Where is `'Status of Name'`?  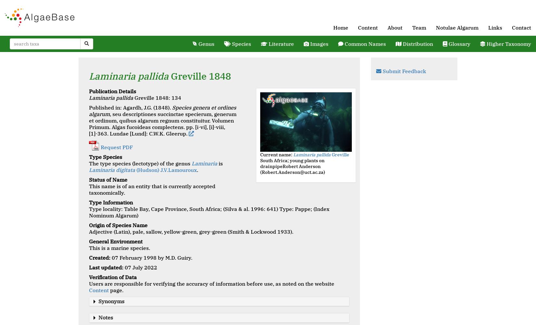
'Status of Name' is located at coordinates (108, 179).